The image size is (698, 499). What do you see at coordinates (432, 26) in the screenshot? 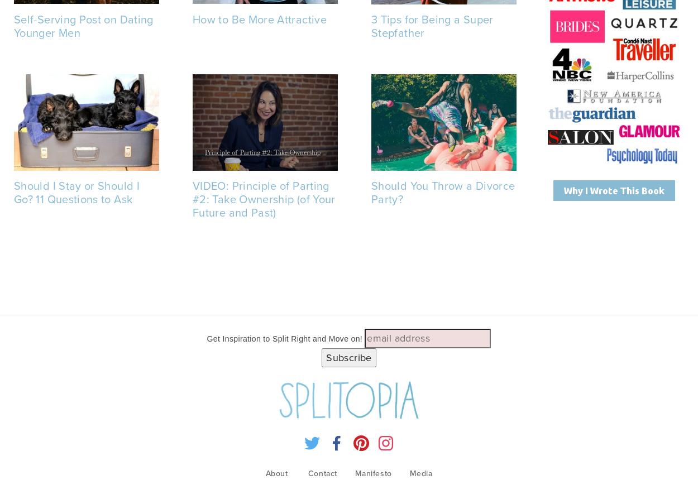
I see `'3 Tips for Being a Super Stepfather'` at bounding box center [432, 26].